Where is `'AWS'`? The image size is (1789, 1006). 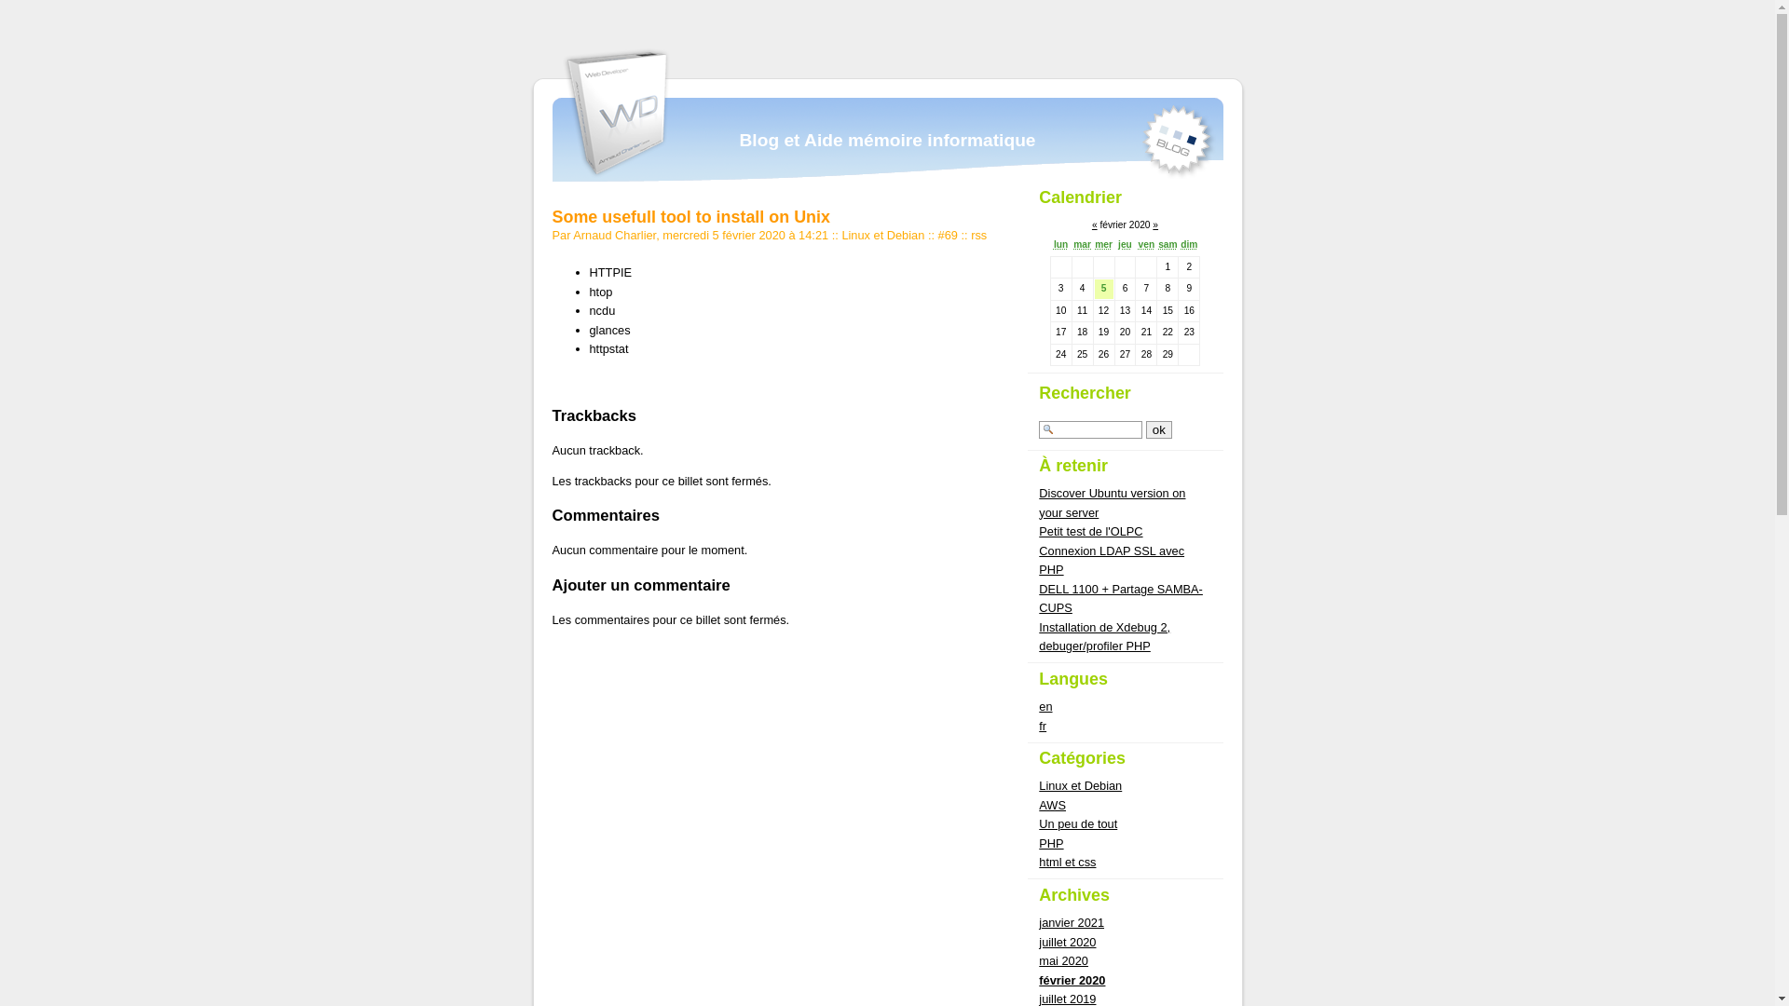
'AWS' is located at coordinates (1052, 804).